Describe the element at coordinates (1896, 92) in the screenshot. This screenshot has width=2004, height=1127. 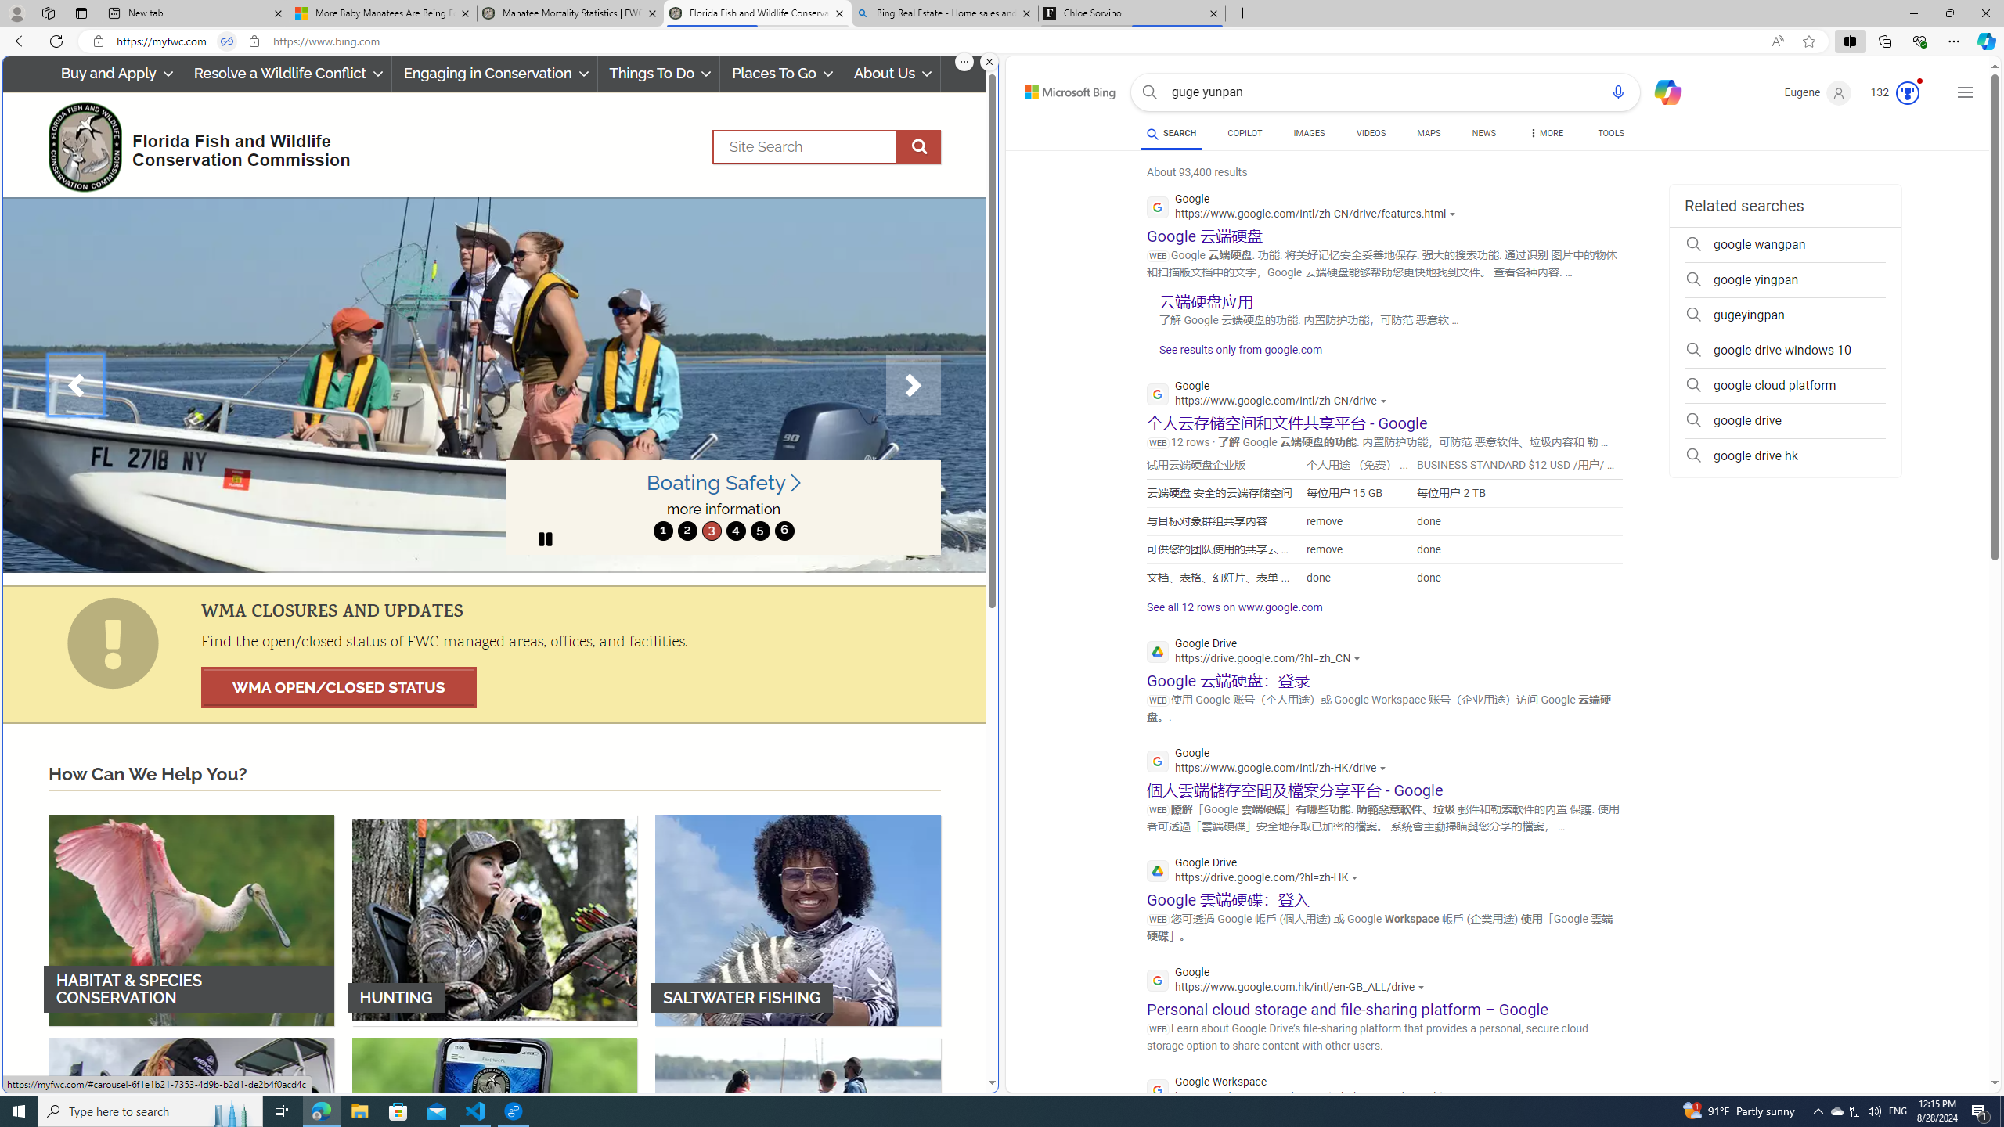
I see `'Microsoft Rewards 123'` at that location.